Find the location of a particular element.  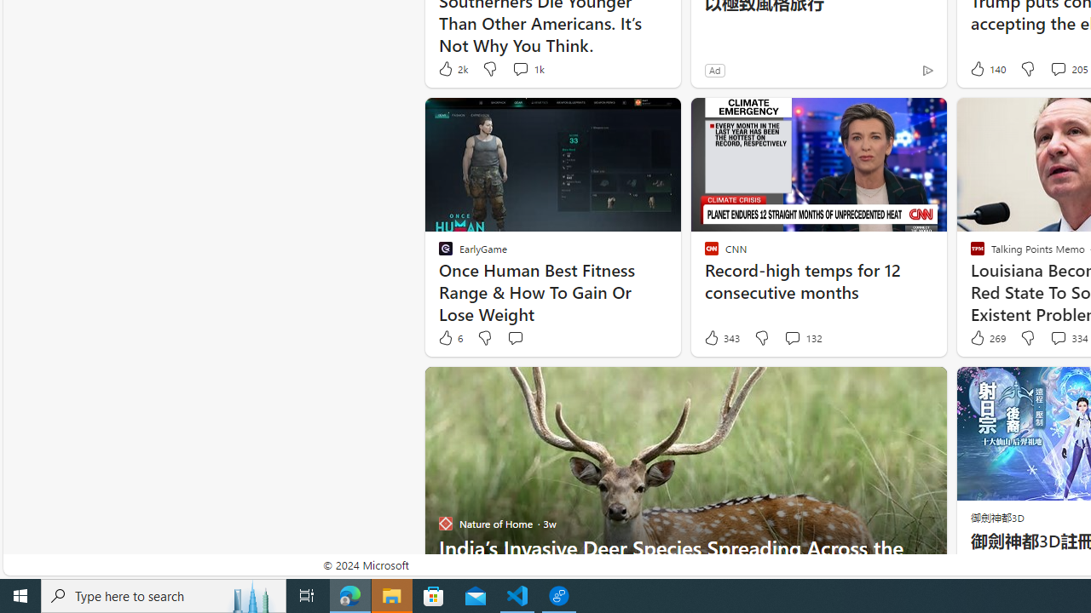

'269 Like' is located at coordinates (986, 338).